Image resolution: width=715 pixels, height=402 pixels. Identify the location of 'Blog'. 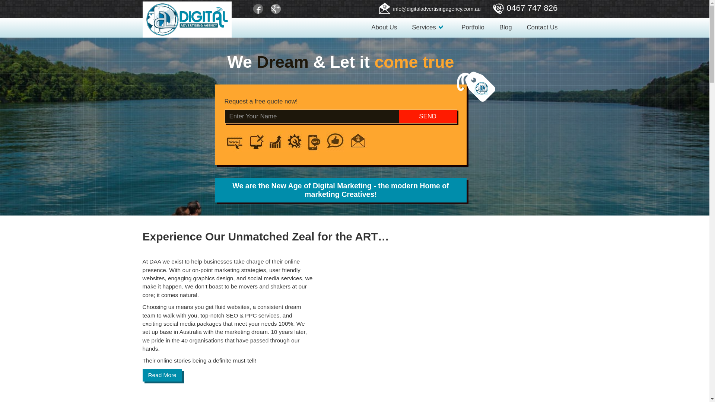
(506, 27).